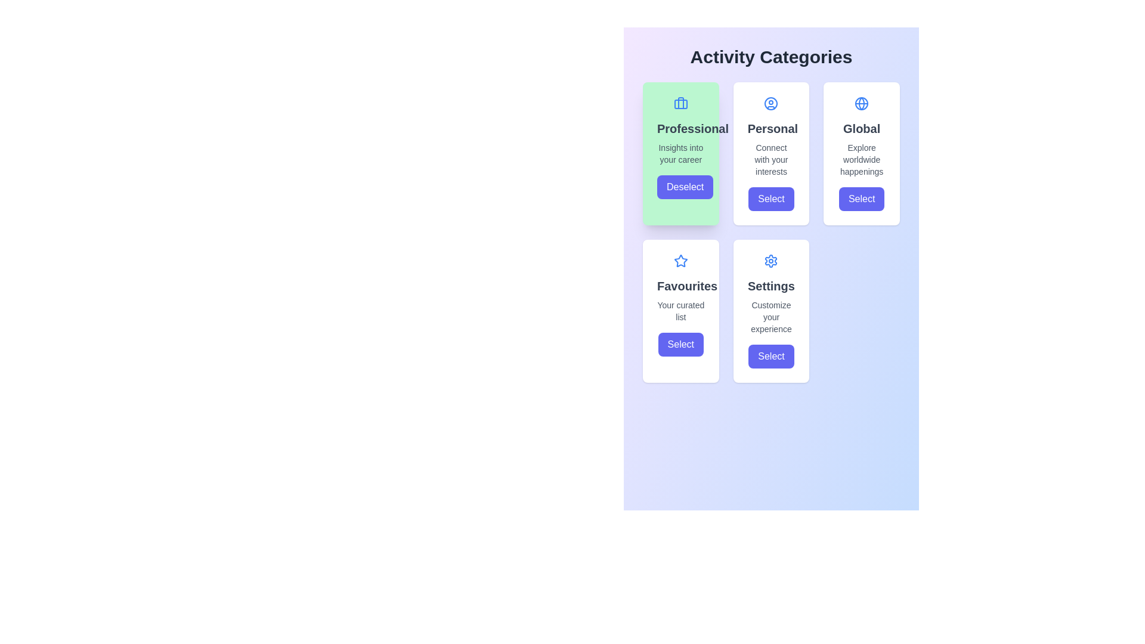 Image resolution: width=1145 pixels, height=644 pixels. Describe the element at coordinates (771, 317) in the screenshot. I see `the informational subtitle or description text label for the 'Settings' section, which is positioned beneath the 'Settings' title and above the 'Select' button` at that location.